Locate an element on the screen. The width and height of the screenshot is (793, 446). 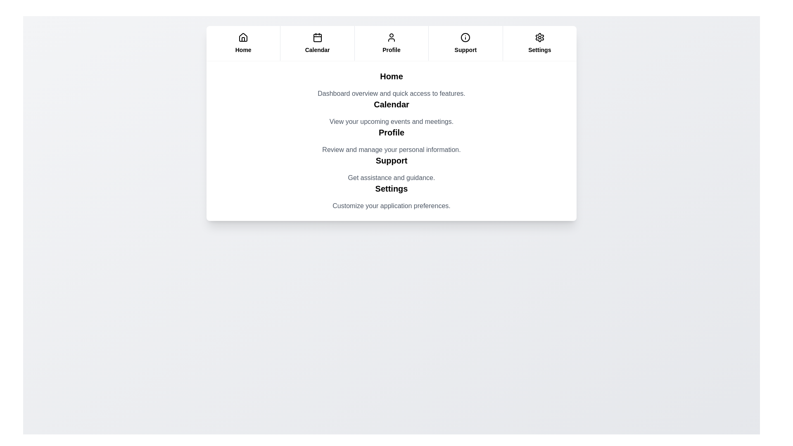
the 'Support' icon in the header menu, which visually represents the support functionality and is positioned above the 'Support' text label is located at coordinates (465, 38).